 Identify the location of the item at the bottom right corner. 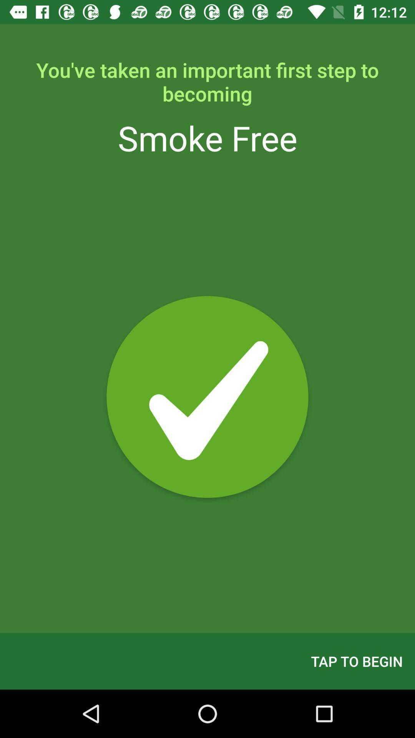
(357, 661).